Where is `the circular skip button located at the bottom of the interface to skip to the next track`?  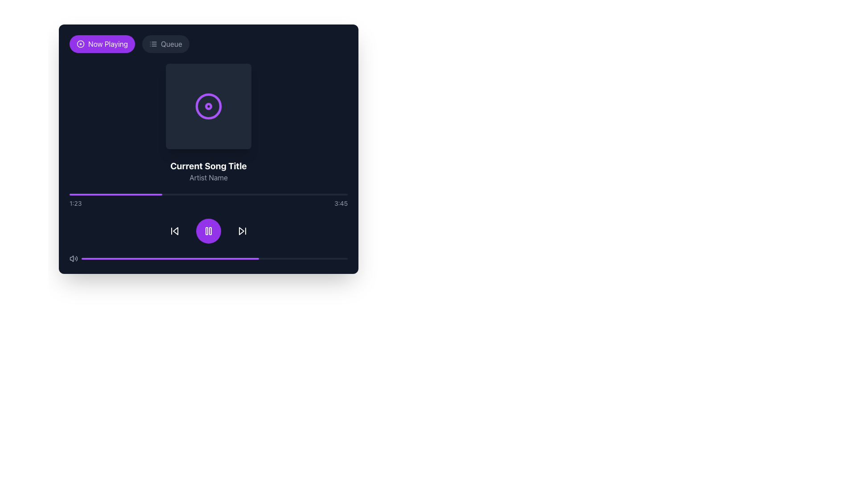 the circular skip button located at the bottom of the interface to skip to the next track is located at coordinates (242, 231).